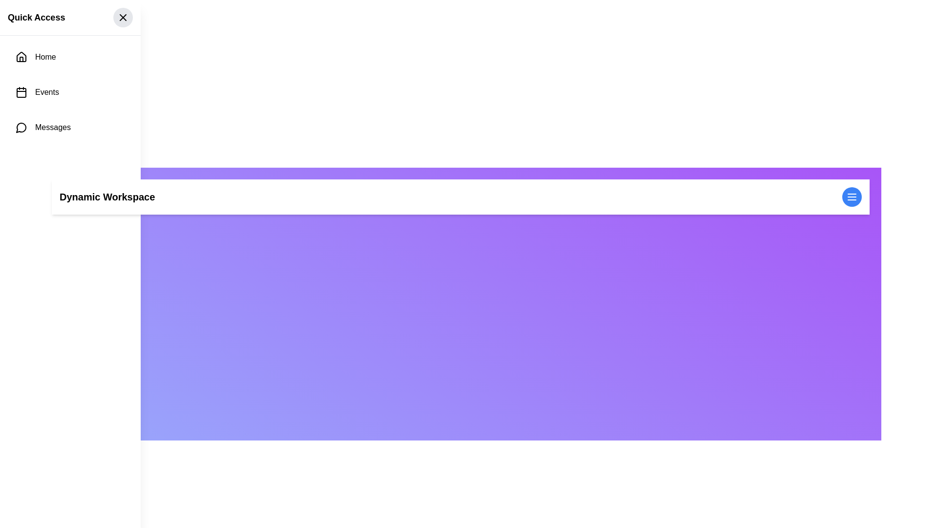 The height and width of the screenshot is (528, 938). What do you see at coordinates (70, 92) in the screenshot?
I see `the 'Events' button in the vertical menu using keyboard navigation` at bounding box center [70, 92].